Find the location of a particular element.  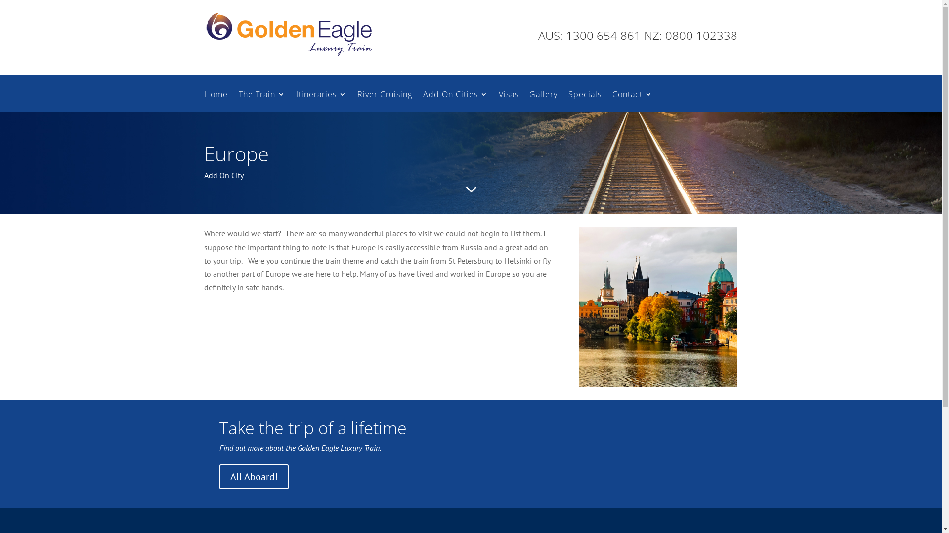

'3' is located at coordinates (470, 190).